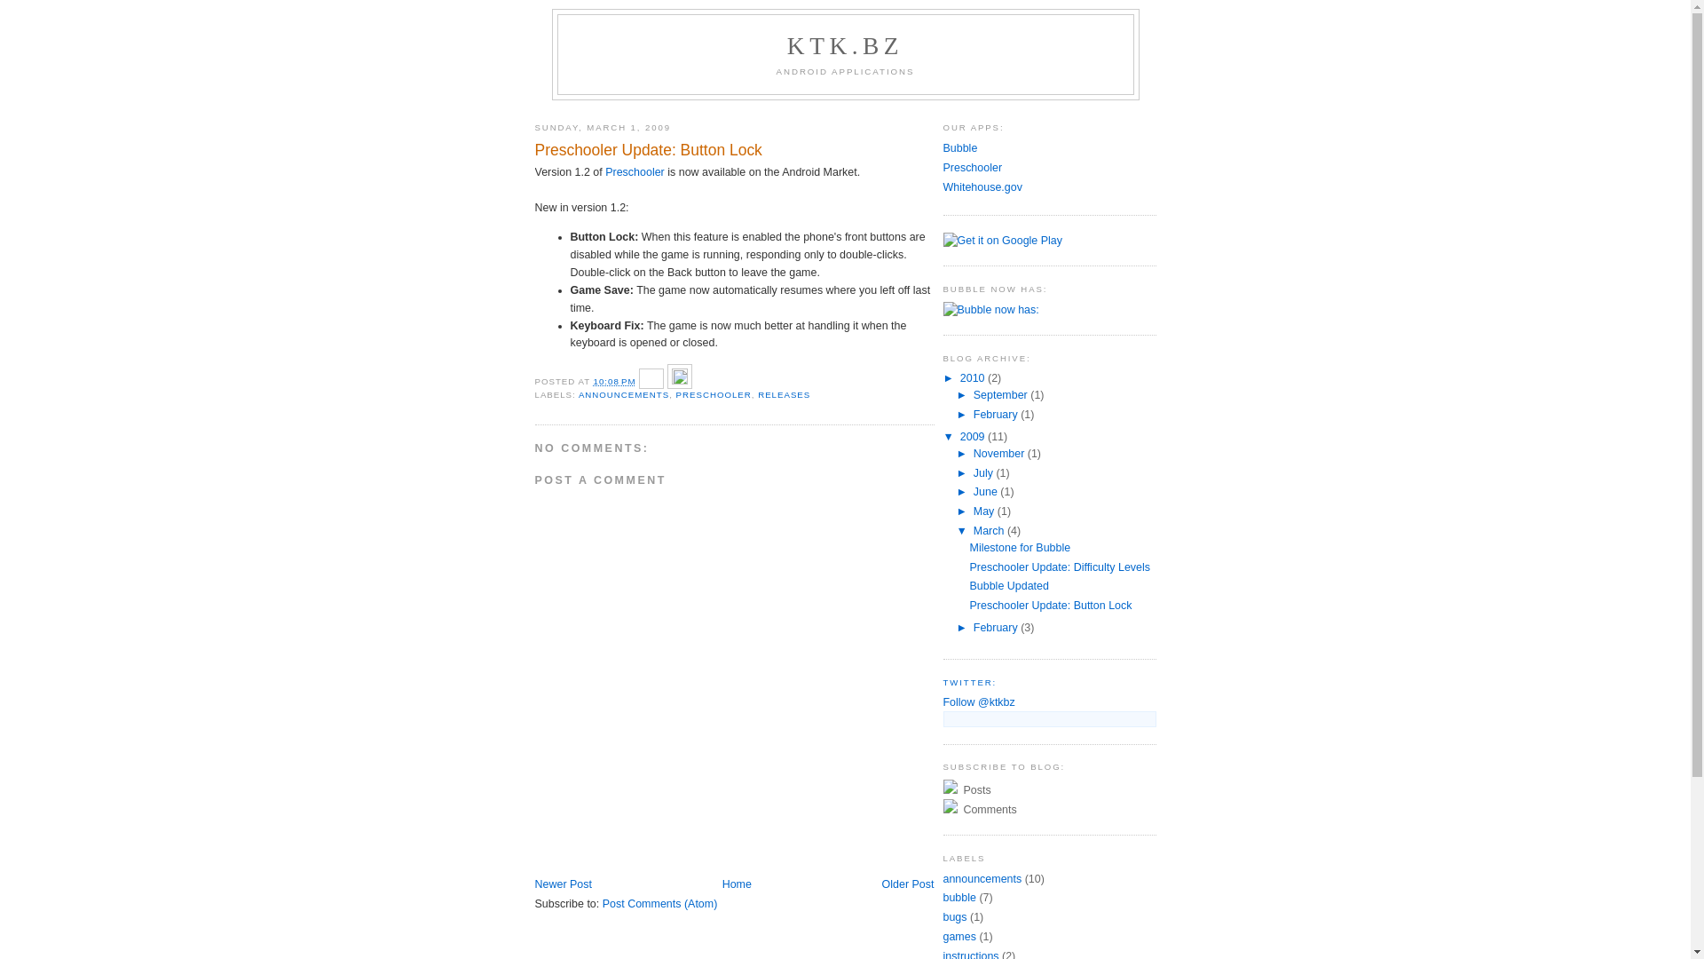 This screenshot has width=1704, height=959. I want to click on 'Whitehouse.gov', so click(981, 187).